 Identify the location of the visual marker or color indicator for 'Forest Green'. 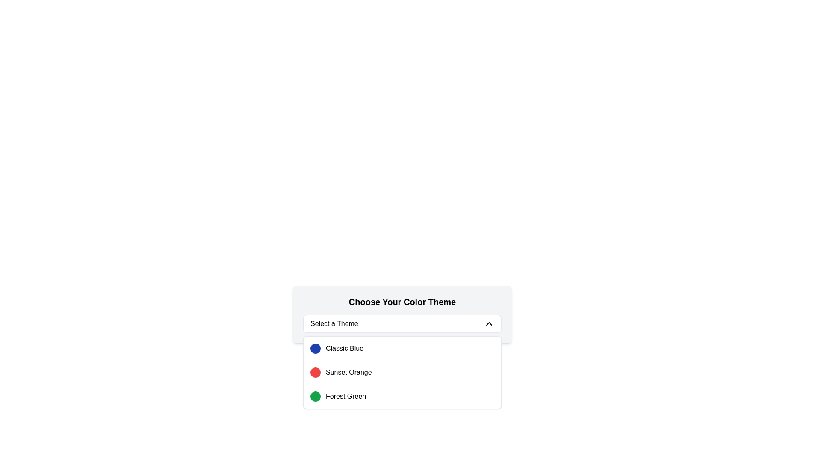
(315, 396).